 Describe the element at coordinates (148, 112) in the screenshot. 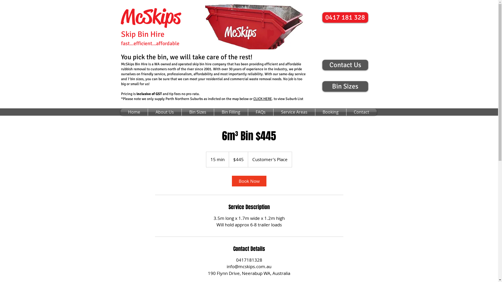

I see `'About Us'` at that location.